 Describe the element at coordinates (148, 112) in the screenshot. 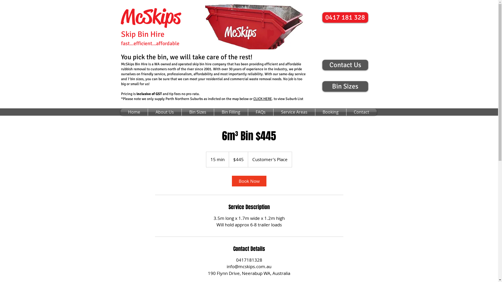

I see `'About Us'` at that location.